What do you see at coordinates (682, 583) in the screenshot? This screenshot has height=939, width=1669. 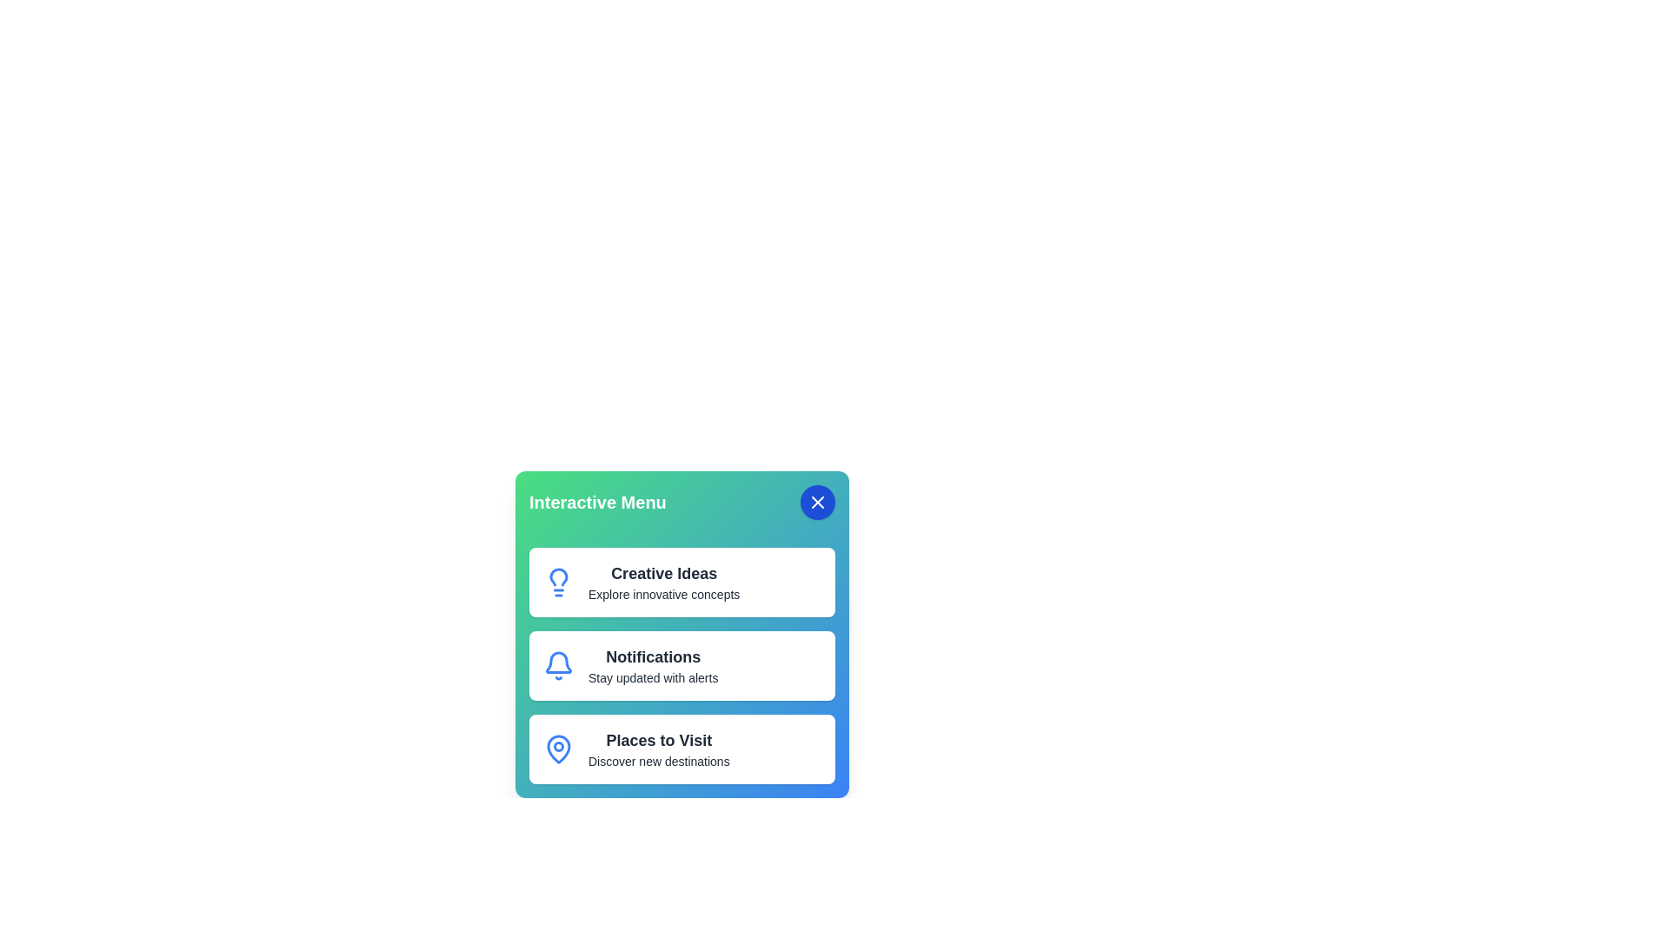 I see `the menu item corresponding to Creative Ideas` at bounding box center [682, 583].